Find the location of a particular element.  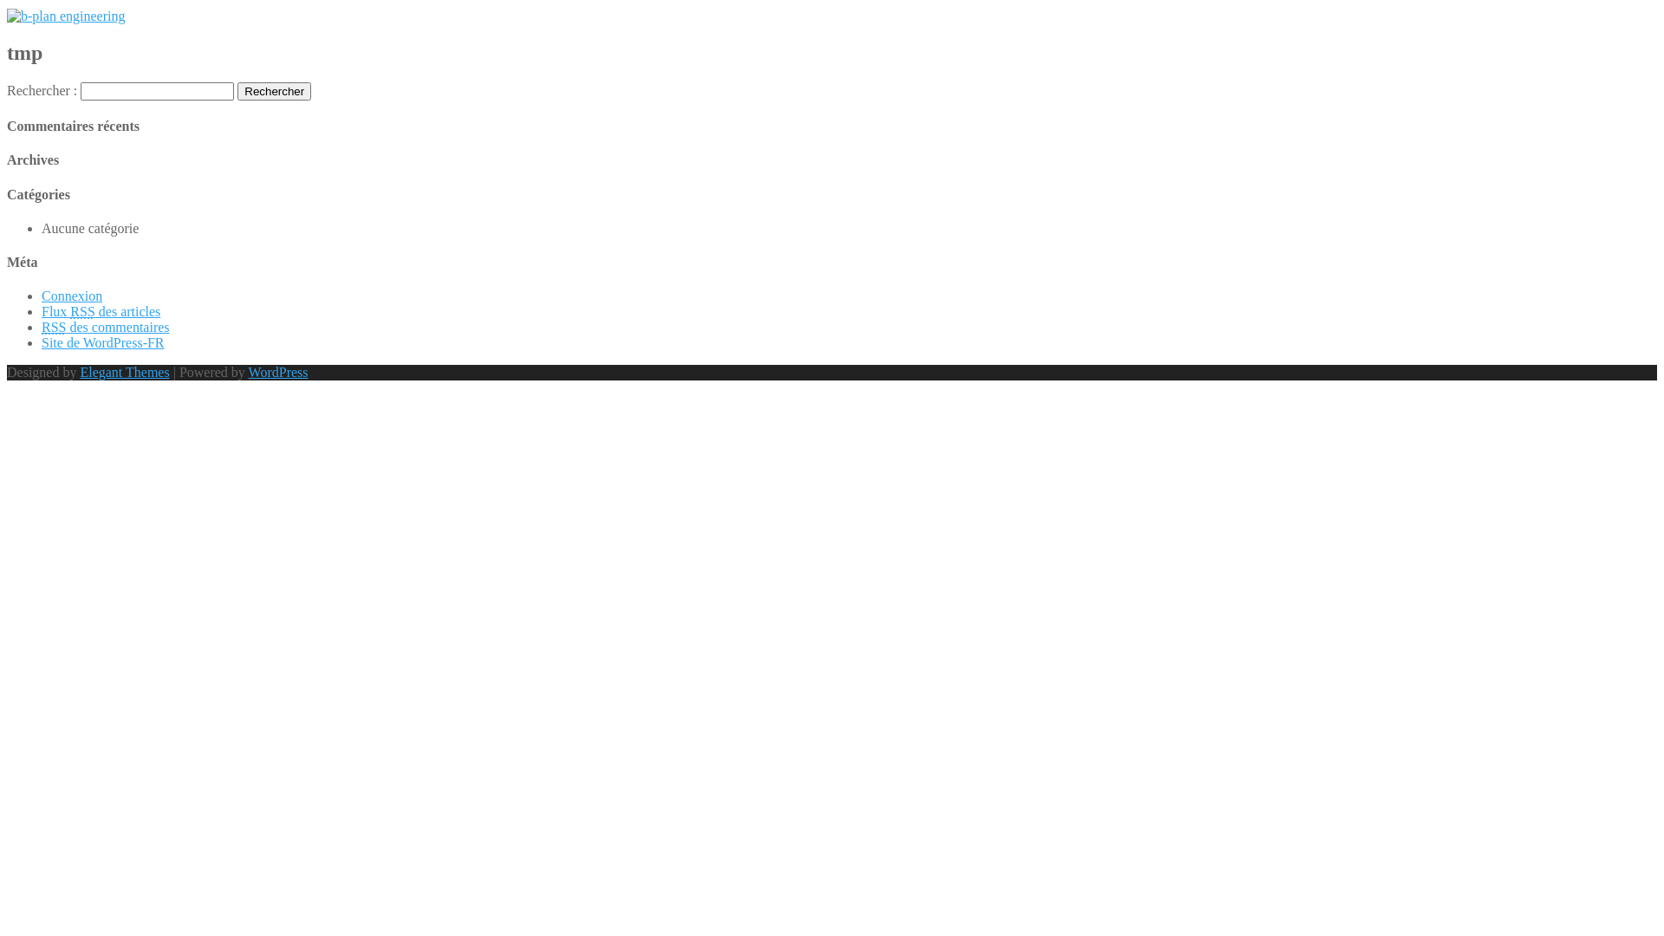

'Connexion' is located at coordinates (70, 295).